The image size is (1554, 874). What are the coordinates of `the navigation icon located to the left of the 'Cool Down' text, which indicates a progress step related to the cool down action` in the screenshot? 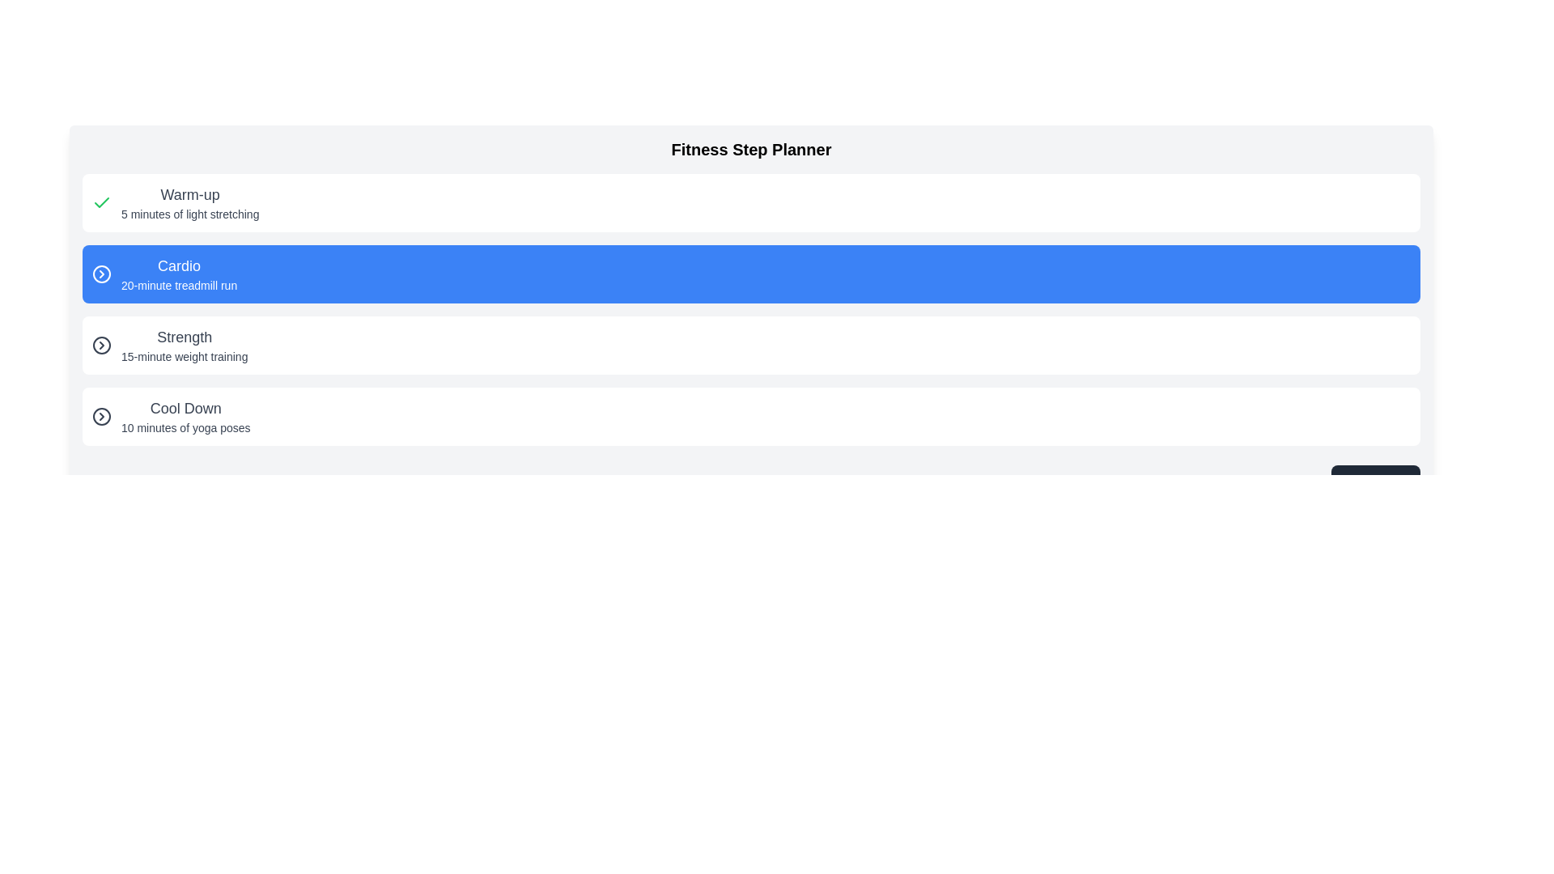 It's located at (100, 416).